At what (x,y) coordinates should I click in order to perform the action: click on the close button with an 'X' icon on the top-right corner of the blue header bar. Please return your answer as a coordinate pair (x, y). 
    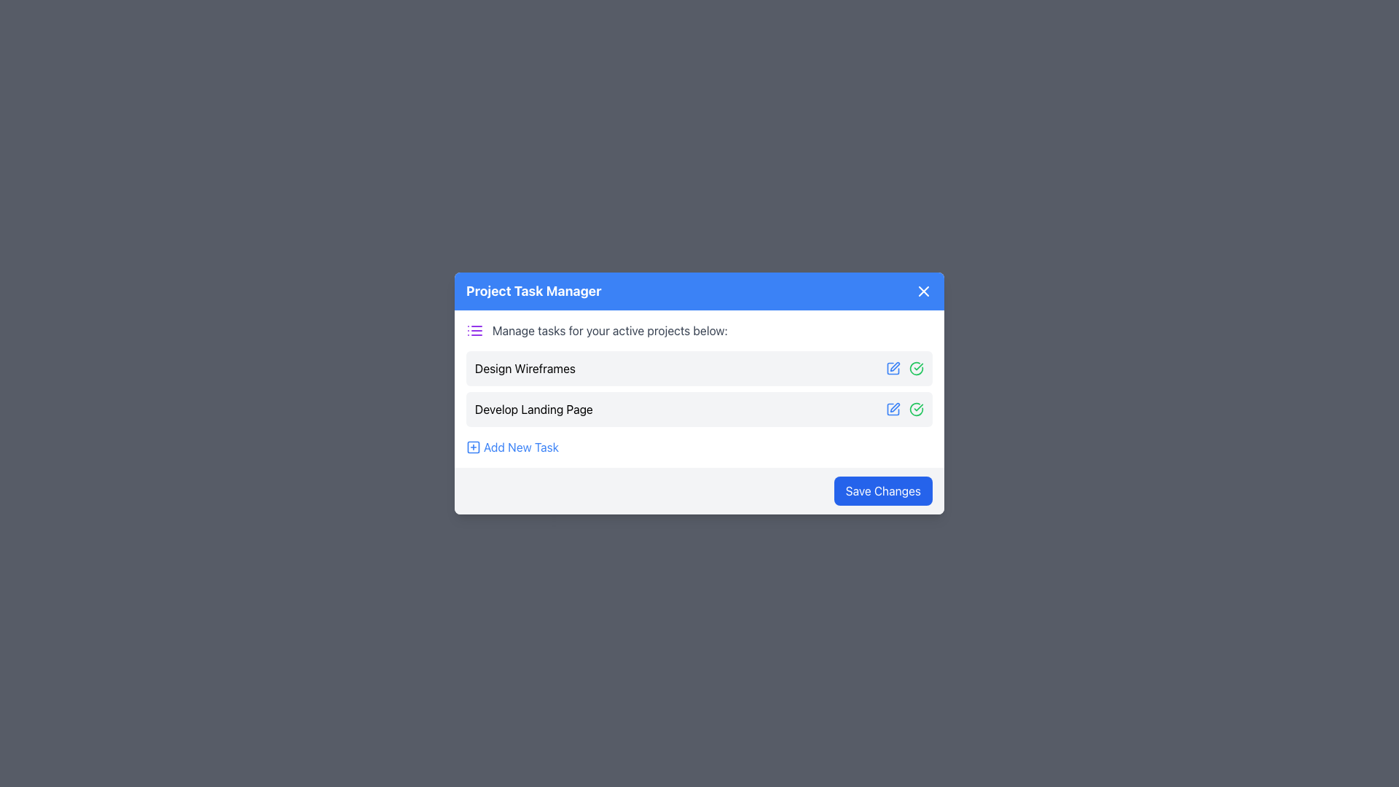
    Looking at the image, I should click on (922, 291).